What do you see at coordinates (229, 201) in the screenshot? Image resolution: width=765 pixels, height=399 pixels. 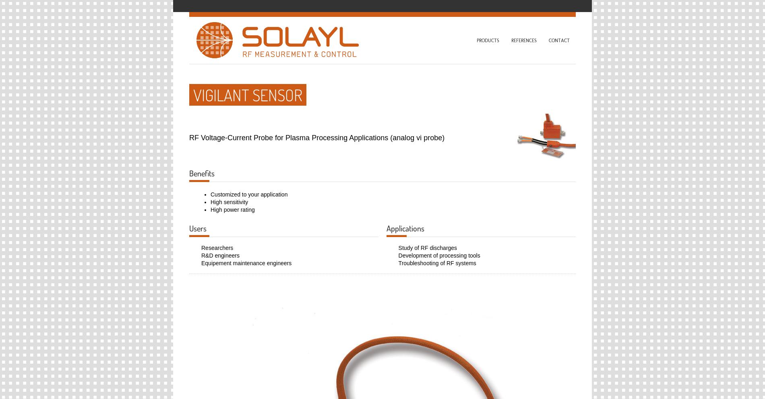 I see `'High sensitivity'` at bounding box center [229, 201].